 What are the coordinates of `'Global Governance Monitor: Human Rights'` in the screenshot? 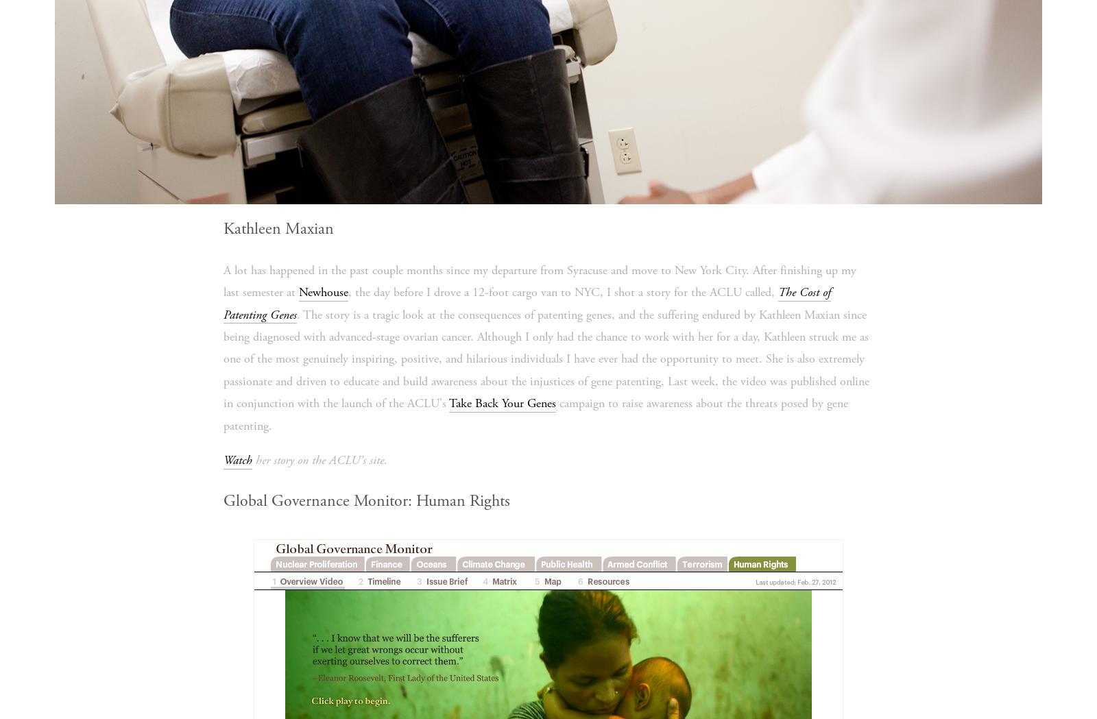 It's located at (365, 500).